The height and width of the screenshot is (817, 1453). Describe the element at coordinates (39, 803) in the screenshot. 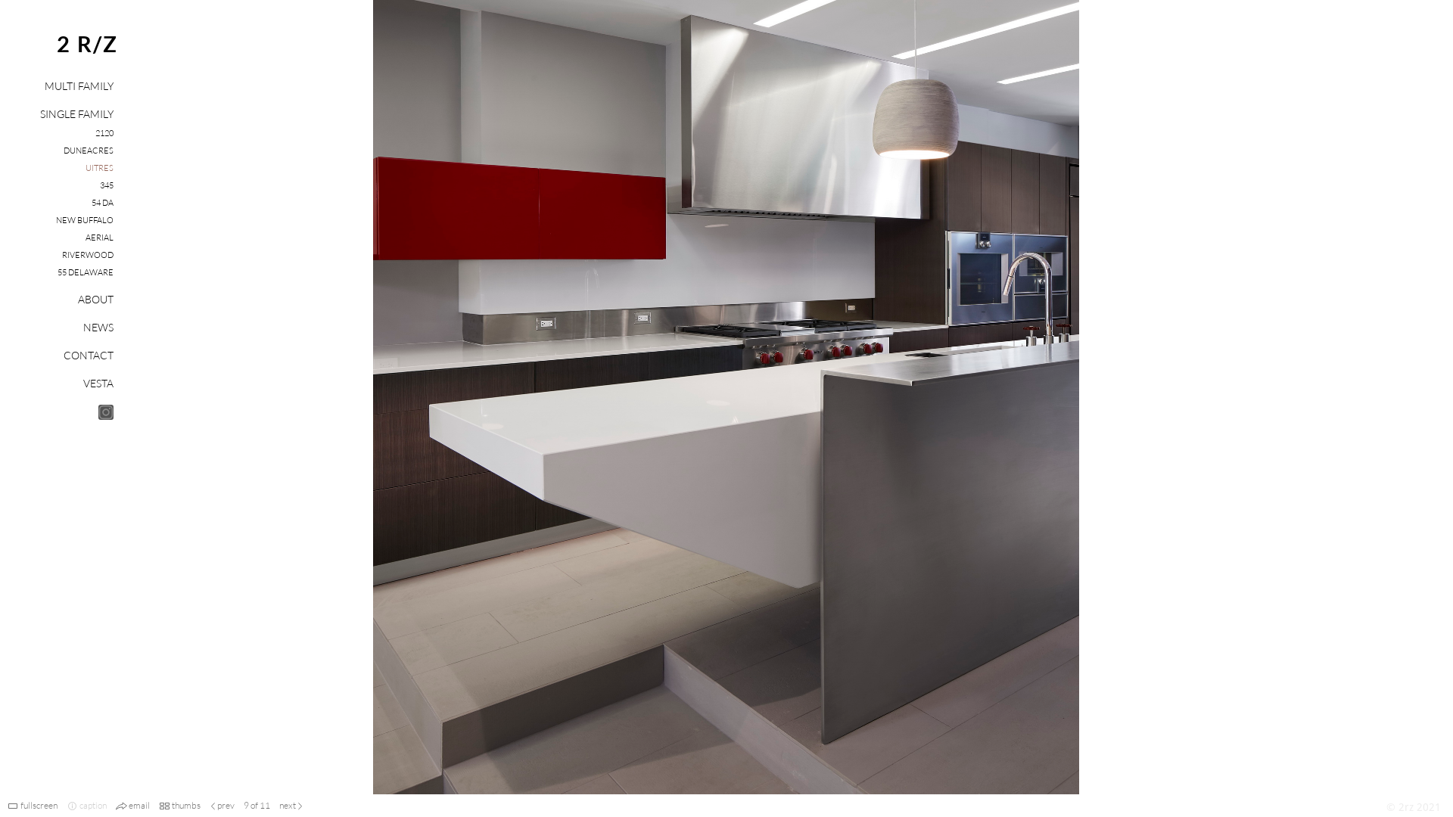

I see `'fullscreen'` at that location.